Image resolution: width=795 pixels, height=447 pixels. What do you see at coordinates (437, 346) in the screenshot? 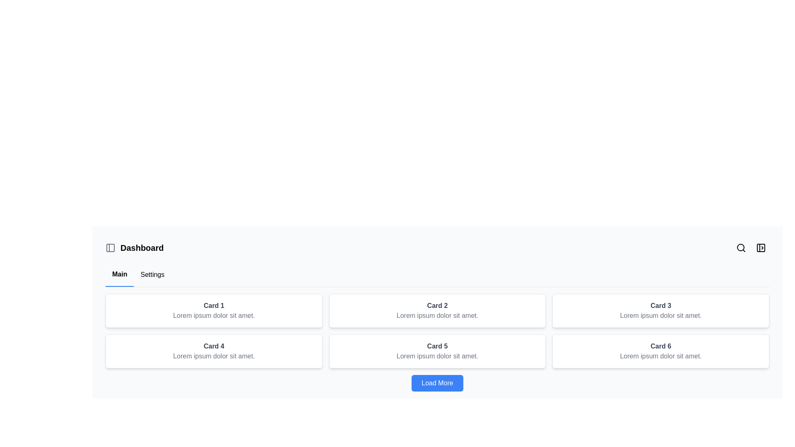
I see `bolded text 'Card 5' displayed prominently at the top of the card located in the second row and second column of the grid layout` at bounding box center [437, 346].